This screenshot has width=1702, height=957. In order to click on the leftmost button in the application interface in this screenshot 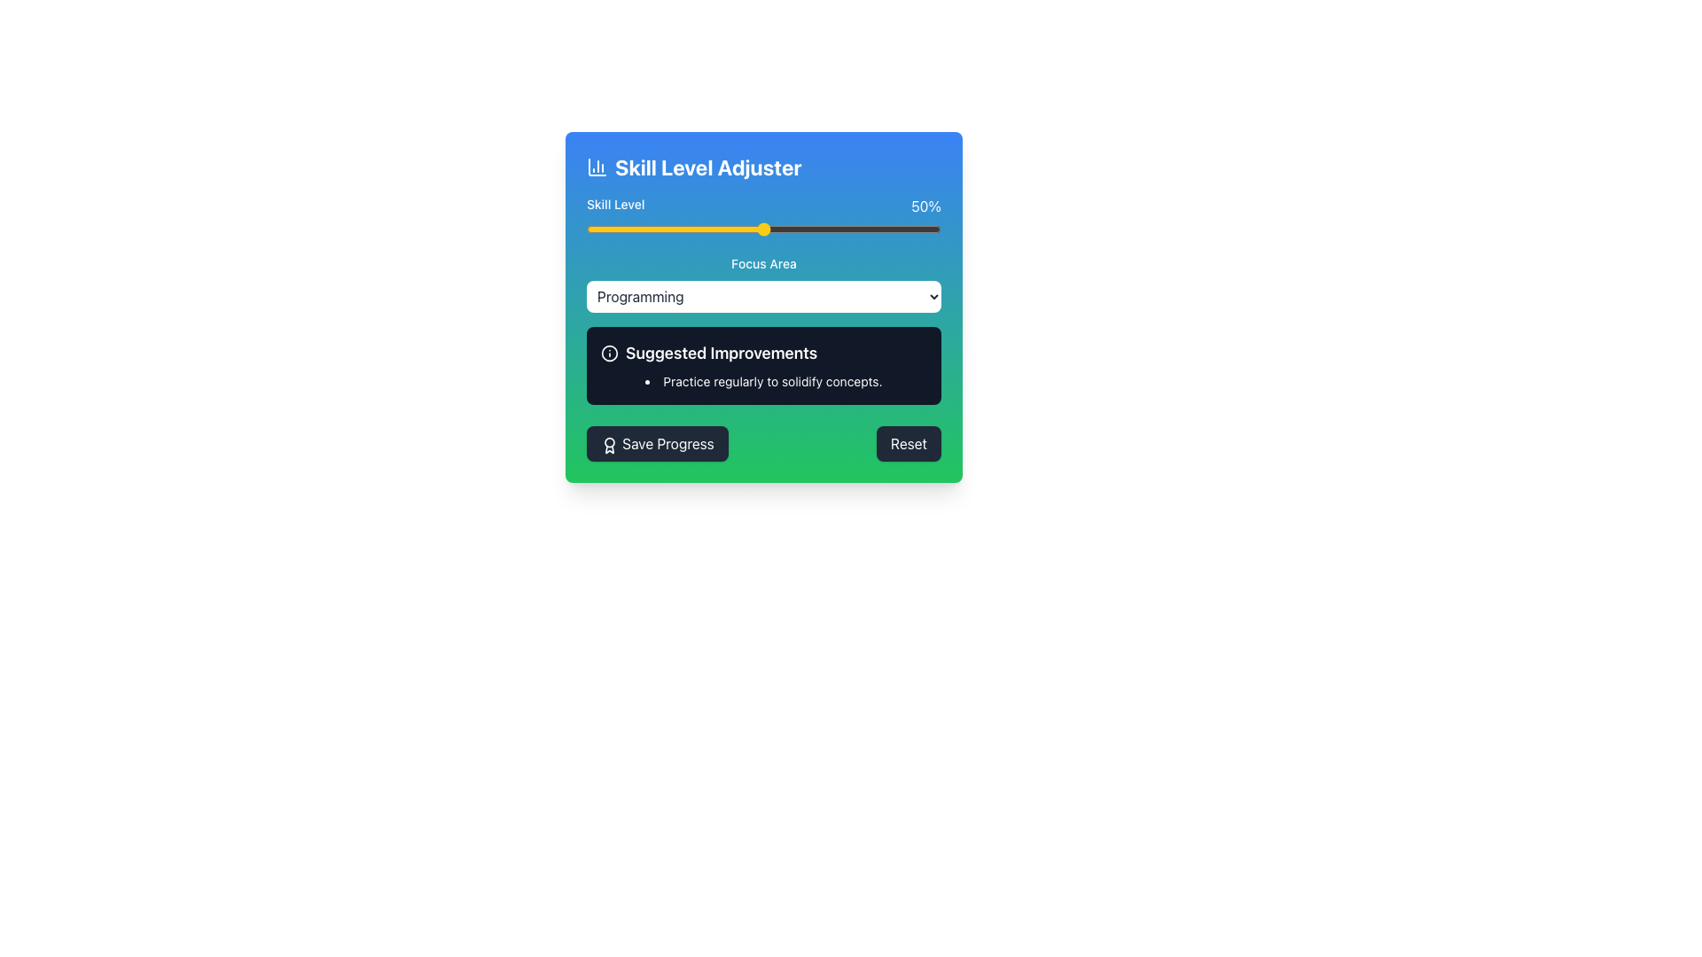, I will do `click(656, 443)`.